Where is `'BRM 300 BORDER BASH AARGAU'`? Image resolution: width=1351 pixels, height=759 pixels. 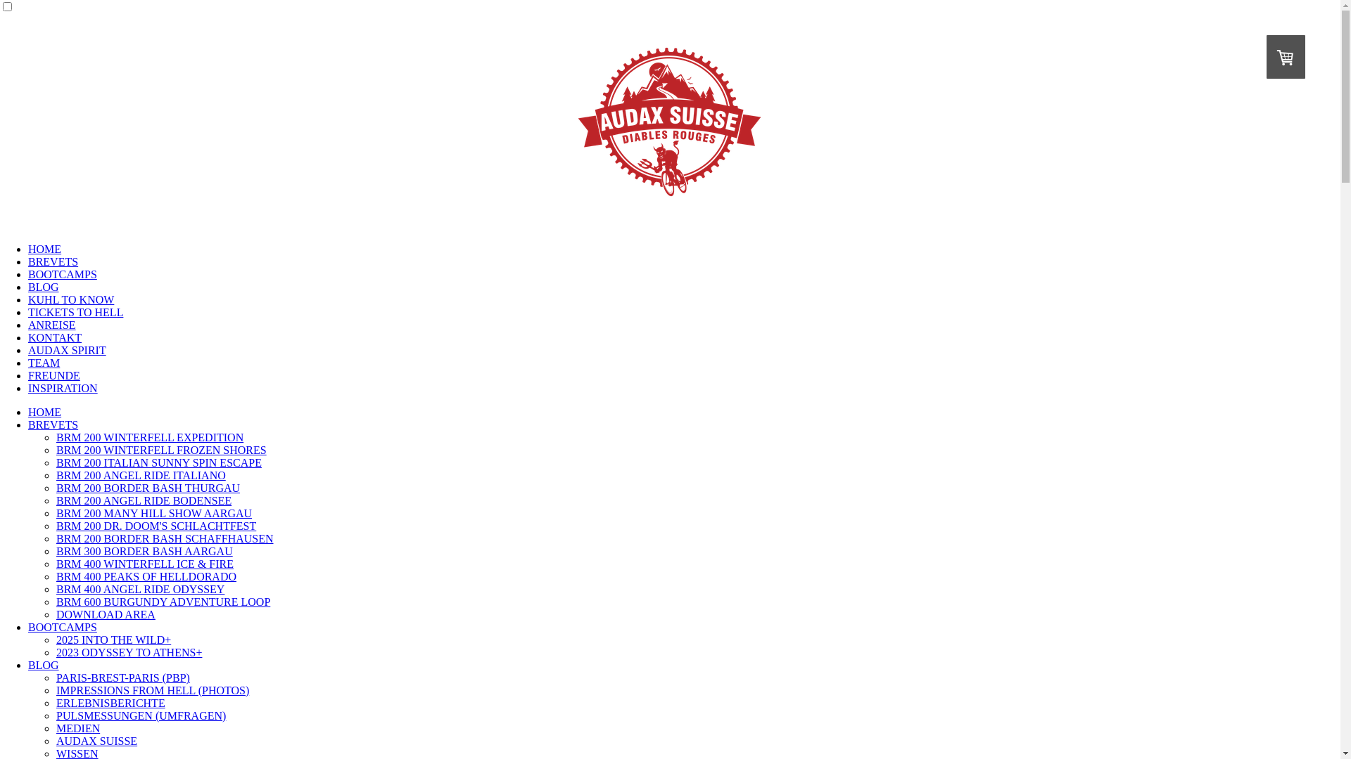 'BRM 300 BORDER BASH AARGAU' is located at coordinates (144, 550).